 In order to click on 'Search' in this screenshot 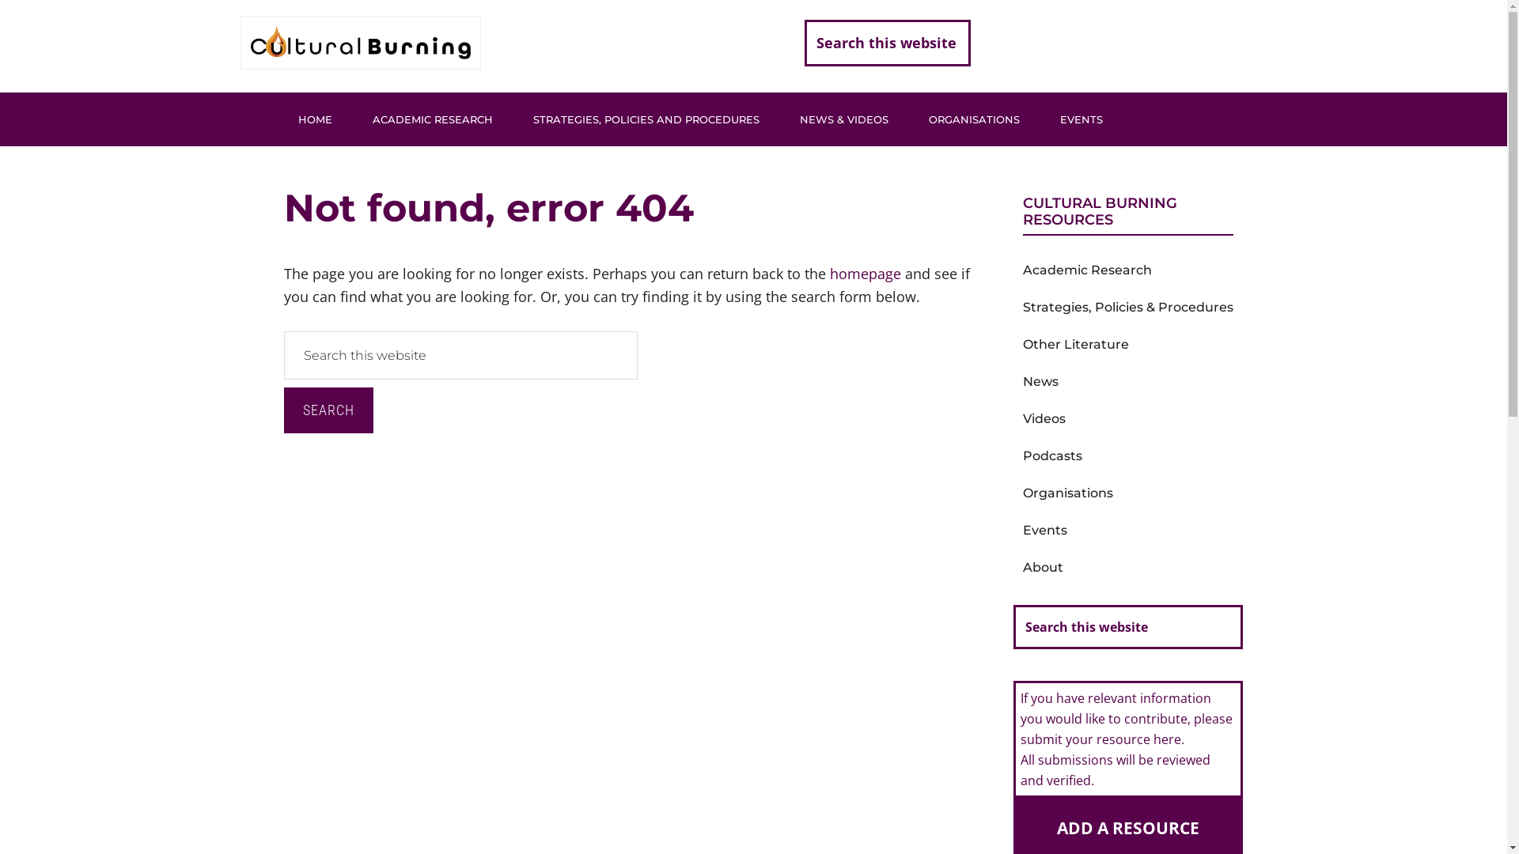, I will do `click(327, 410)`.